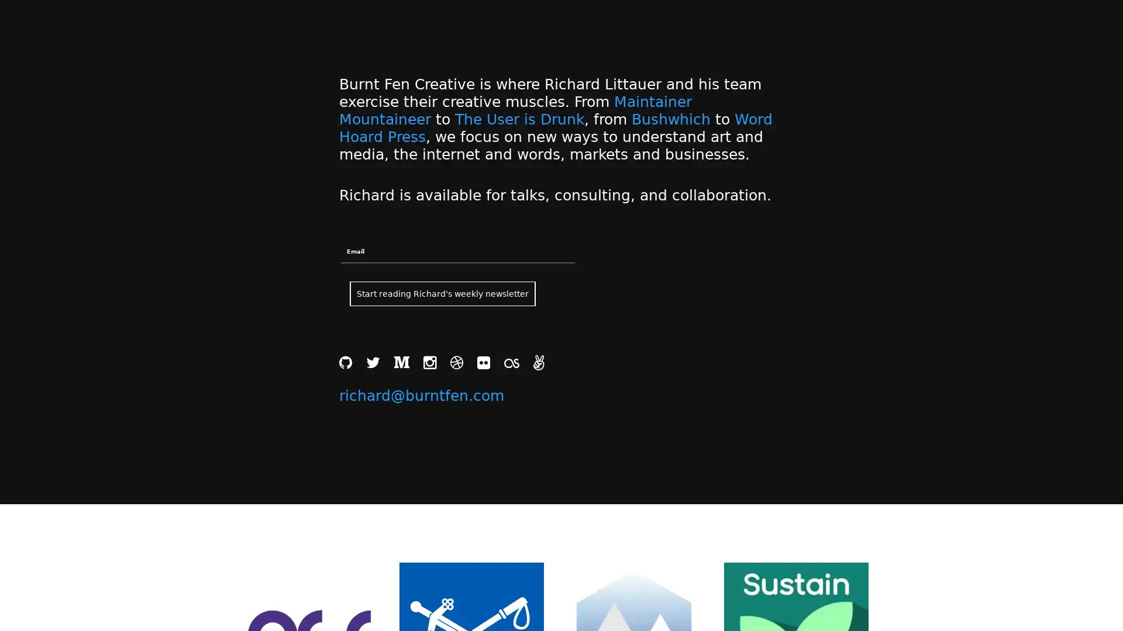 The height and width of the screenshot is (631, 1123). I want to click on Start reading Richard's weekly newsletter, so click(442, 293).